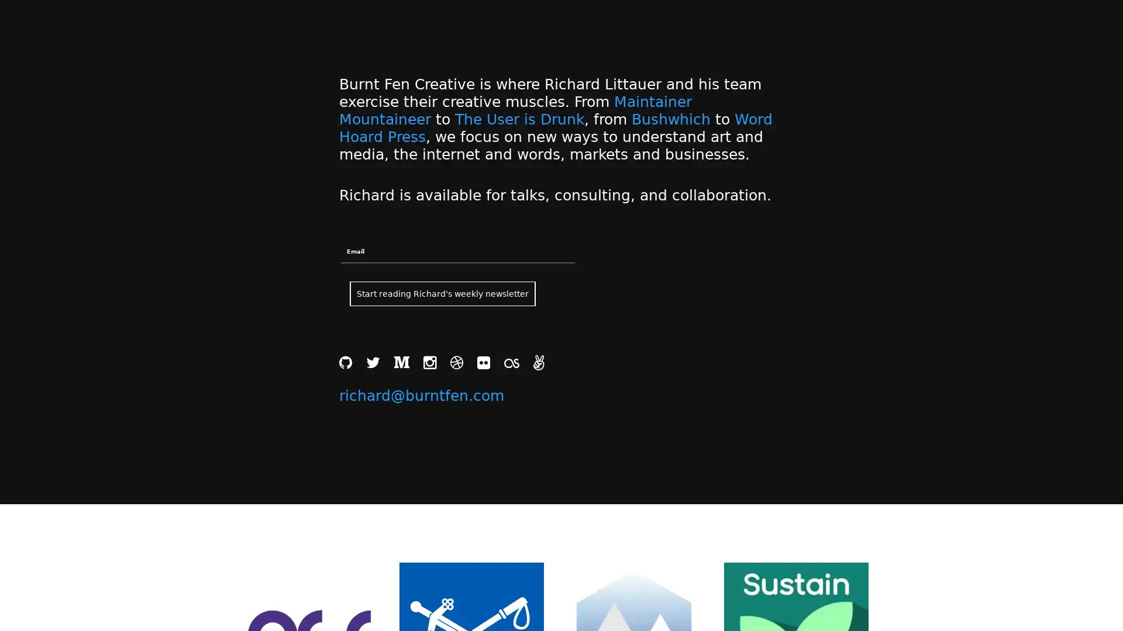 The height and width of the screenshot is (631, 1123). I want to click on Start reading Richard's weekly newsletter, so click(442, 293).